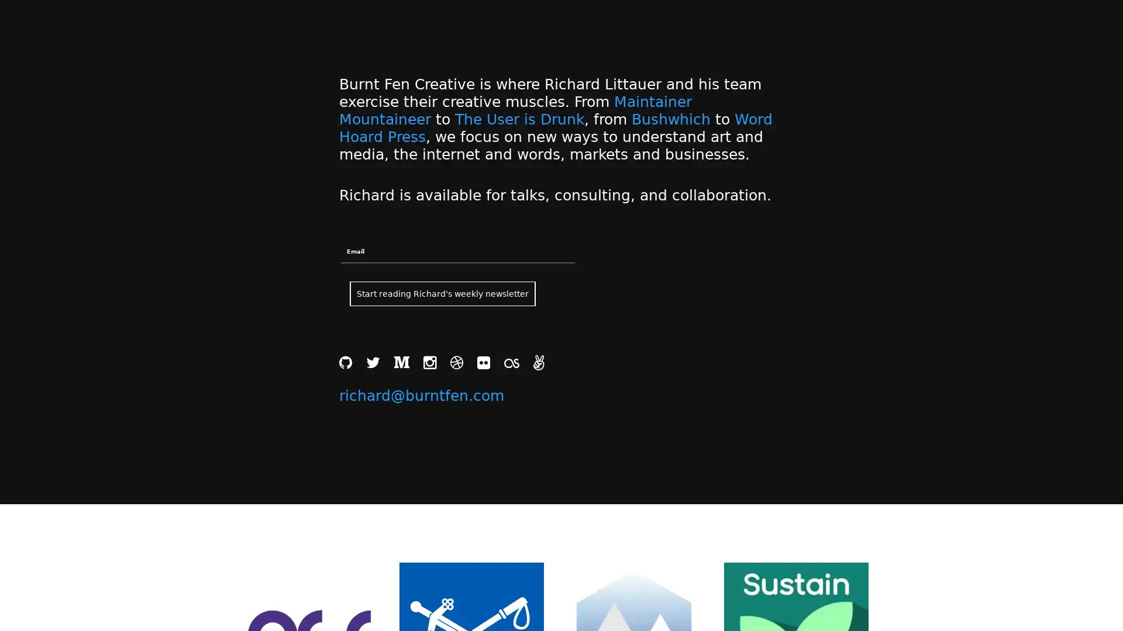 The height and width of the screenshot is (631, 1123). I want to click on Start reading Richard's weekly newsletter, so click(442, 293).